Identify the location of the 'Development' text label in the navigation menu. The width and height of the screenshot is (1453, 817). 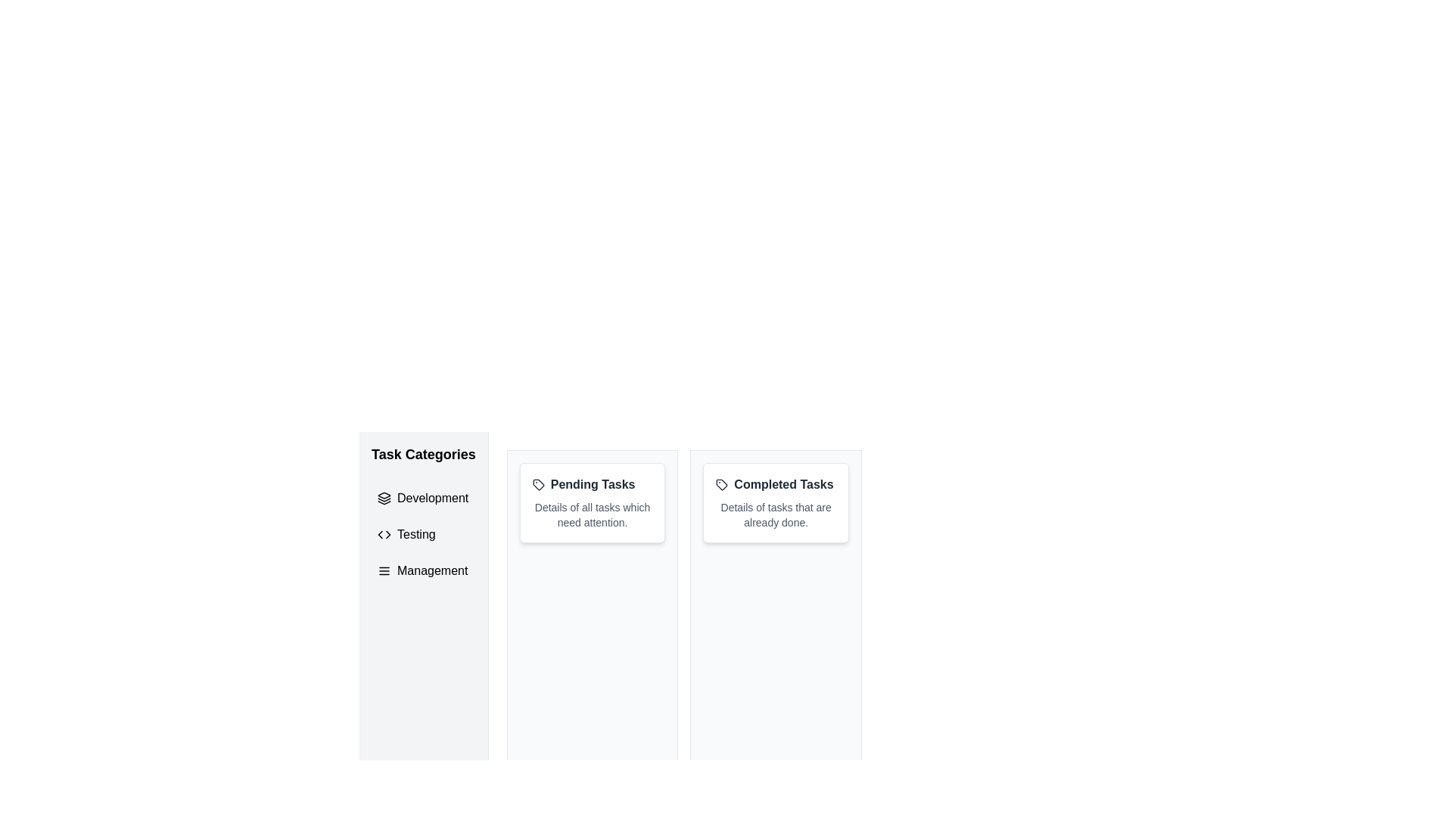
(431, 499).